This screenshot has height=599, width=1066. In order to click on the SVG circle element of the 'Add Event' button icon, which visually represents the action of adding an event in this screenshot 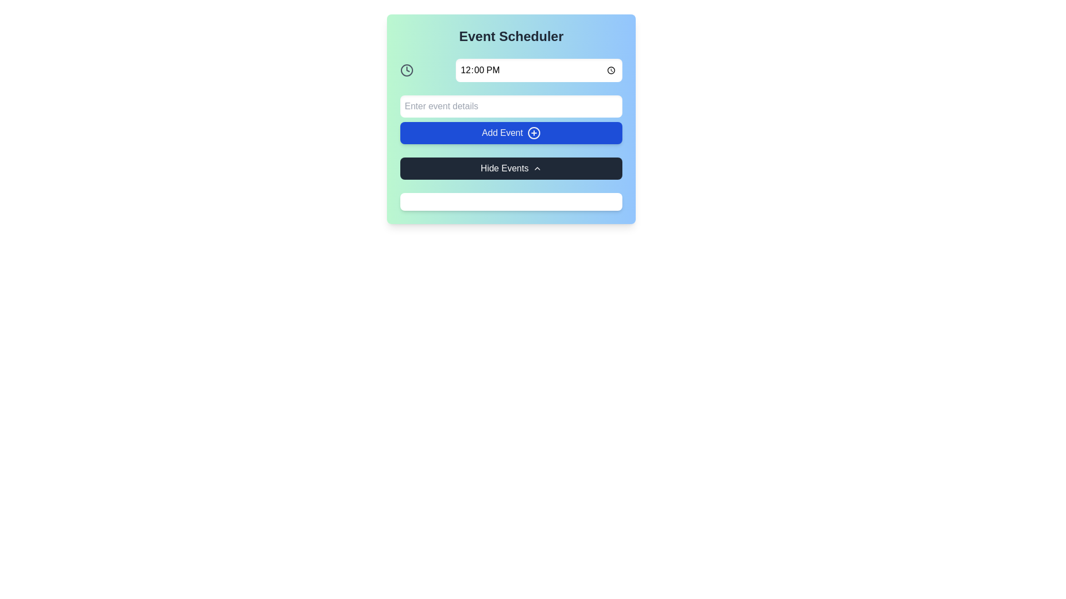, I will do `click(534, 132)`.